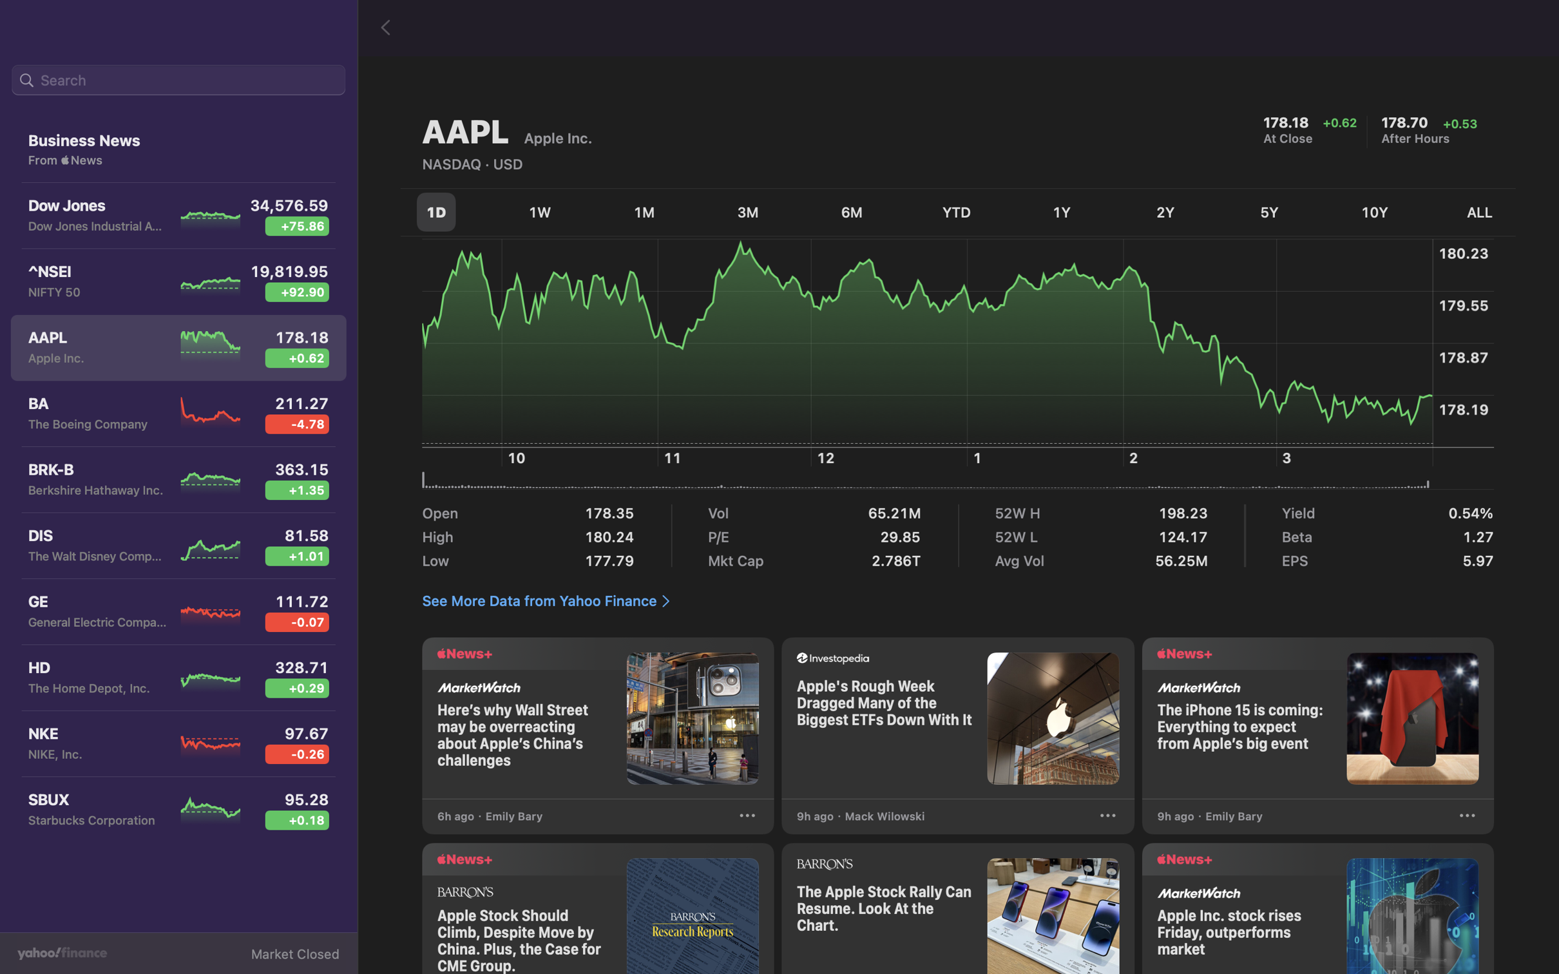 This screenshot has height=974, width=1559. Describe the element at coordinates (646, 209) in the screenshot. I see `the option to view one month"s worth of stock fluctuation` at that location.